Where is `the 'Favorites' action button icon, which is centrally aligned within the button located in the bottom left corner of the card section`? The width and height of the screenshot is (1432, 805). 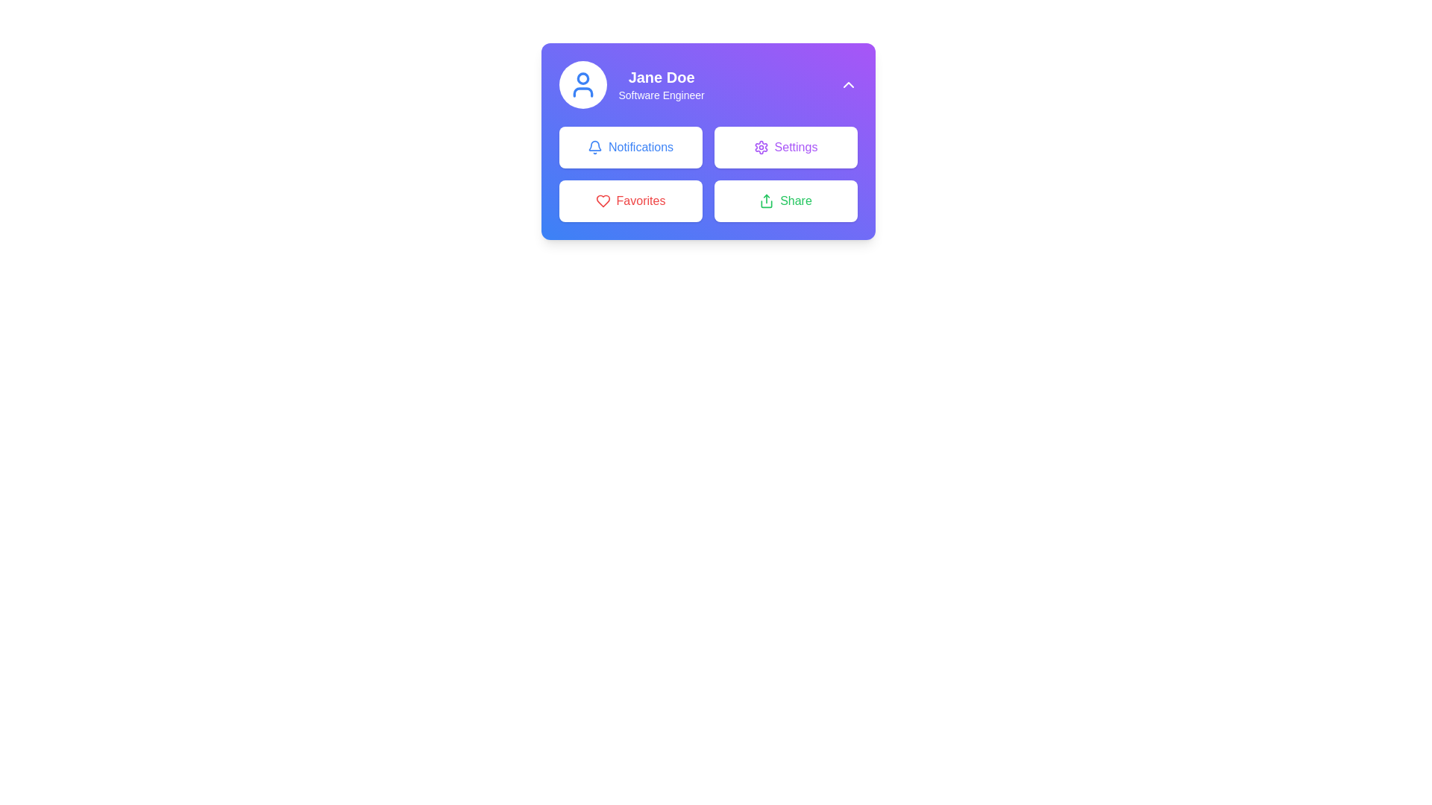
the 'Favorites' action button icon, which is centrally aligned within the button located in the bottom left corner of the card section is located at coordinates (603, 201).